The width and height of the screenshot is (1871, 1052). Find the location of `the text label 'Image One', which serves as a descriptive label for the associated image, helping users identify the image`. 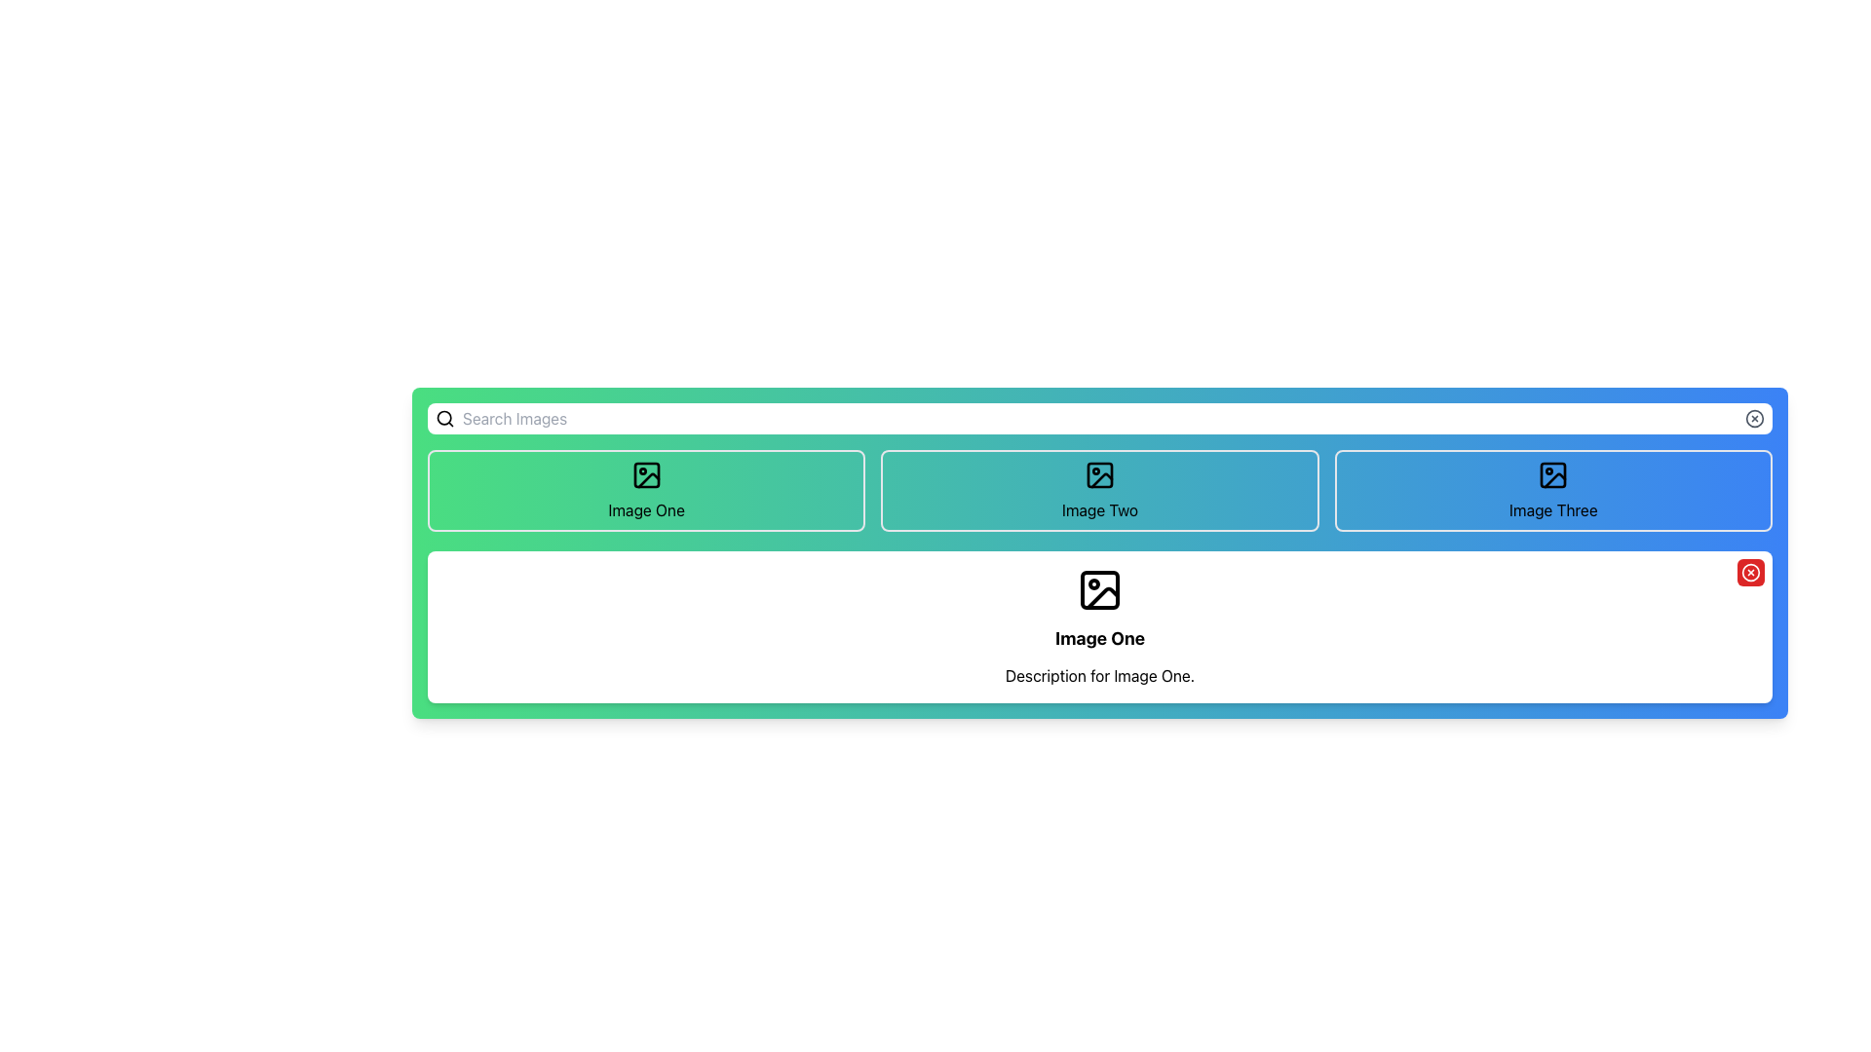

the text label 'Image One', which serves as a descriptive label for the associated image, helping users identify the image is located at coordinates (646, 509).